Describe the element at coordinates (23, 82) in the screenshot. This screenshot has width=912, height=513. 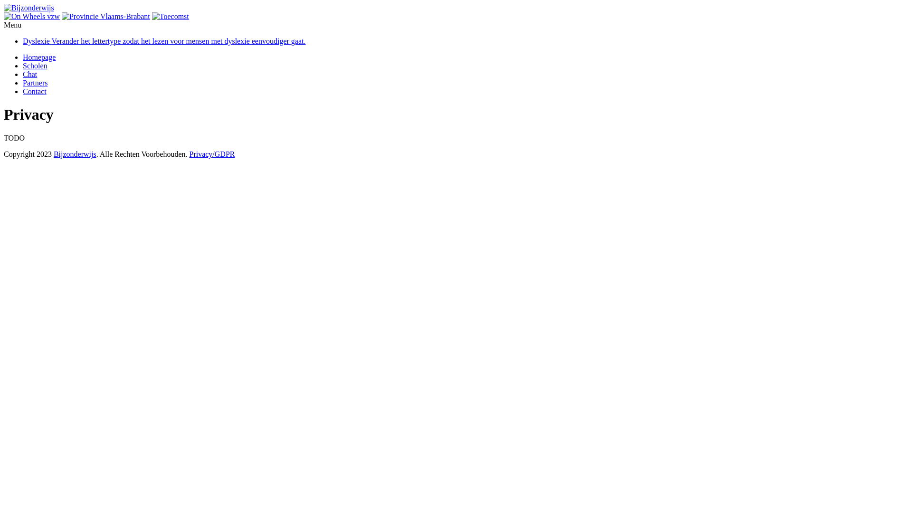
I see `'Partners'` at that location.